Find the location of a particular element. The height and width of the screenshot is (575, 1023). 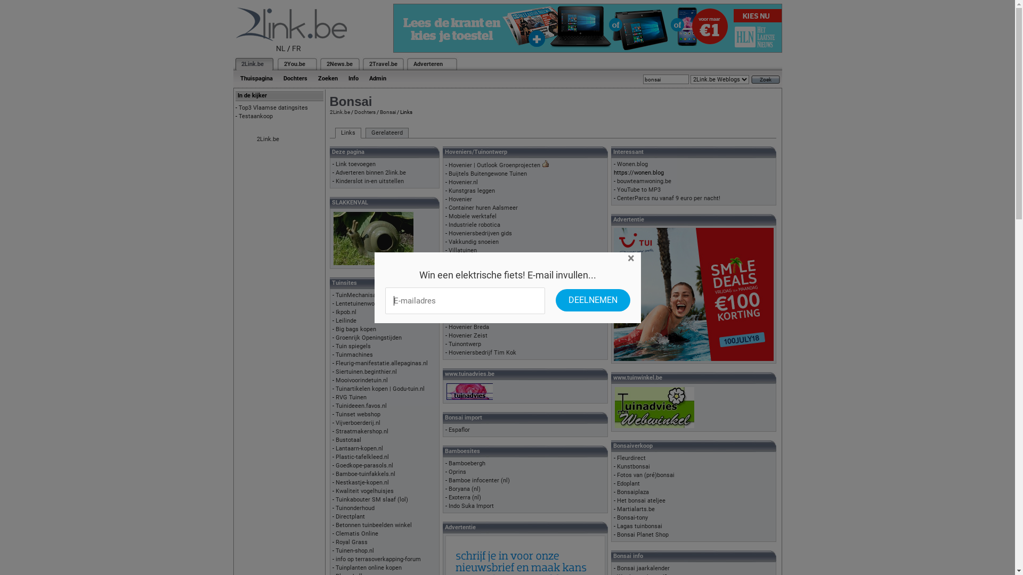

'Hoveniersbedrijf Tim Kok' is located at coordinates (482, 352).